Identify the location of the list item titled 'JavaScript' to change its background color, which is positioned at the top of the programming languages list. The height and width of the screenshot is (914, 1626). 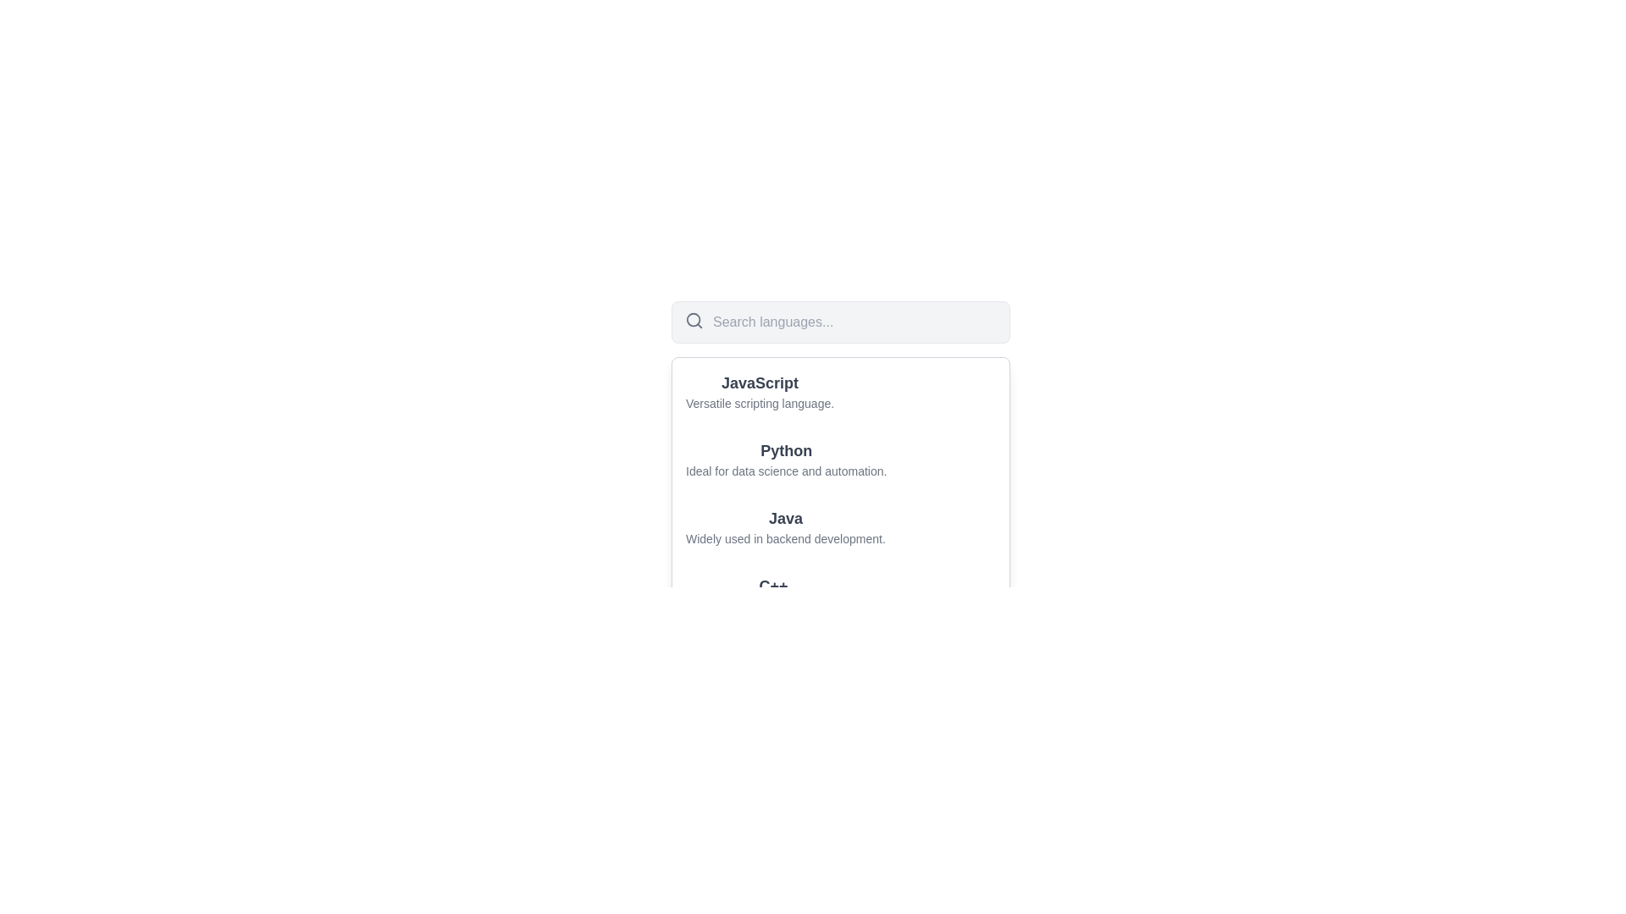
(841, 391).